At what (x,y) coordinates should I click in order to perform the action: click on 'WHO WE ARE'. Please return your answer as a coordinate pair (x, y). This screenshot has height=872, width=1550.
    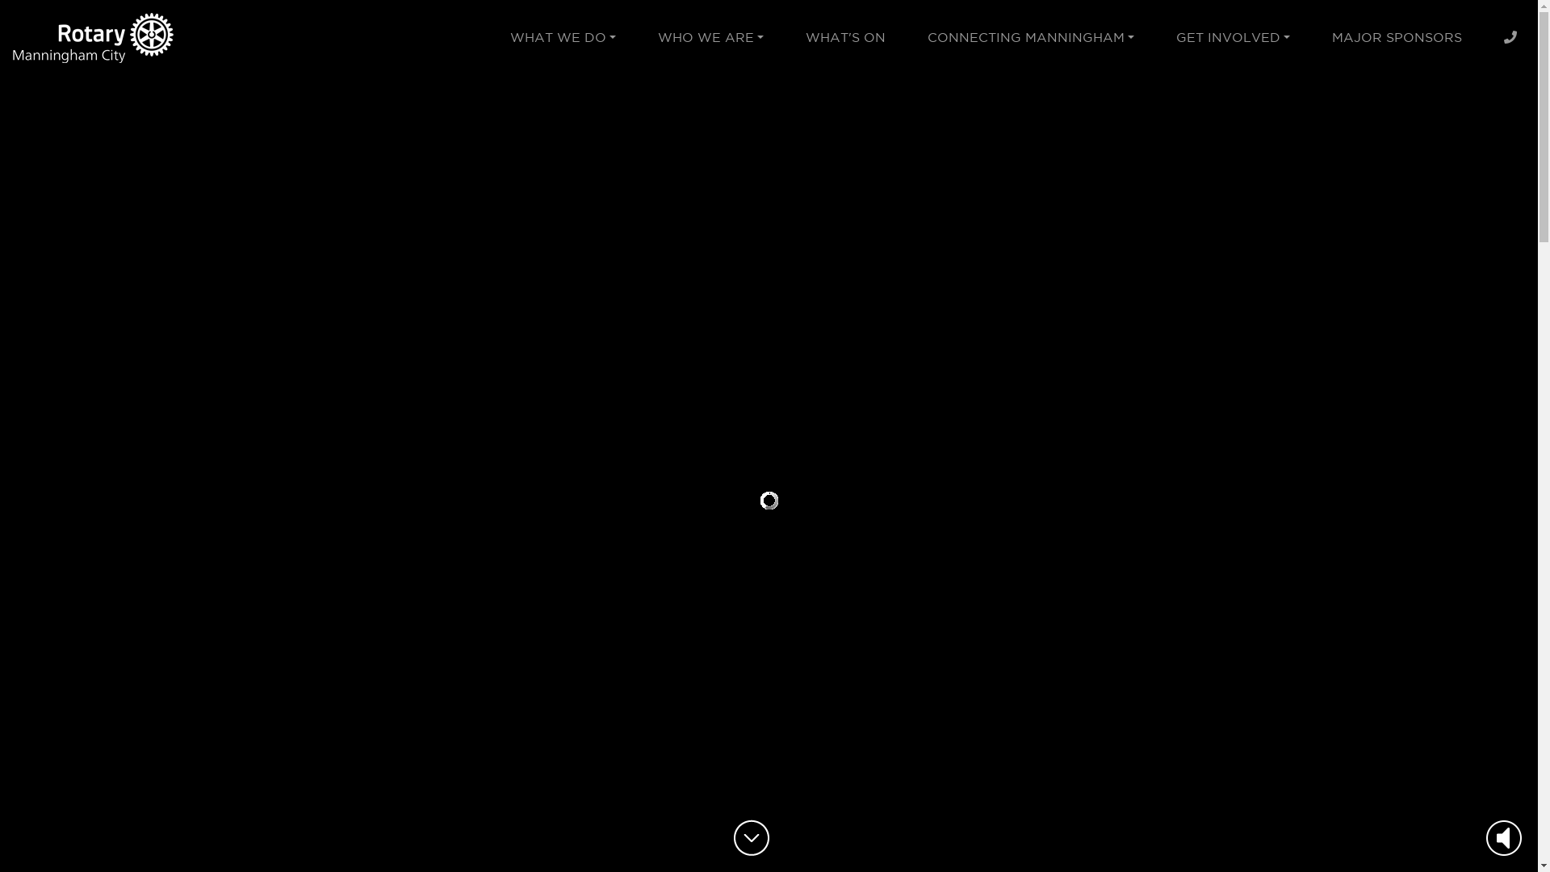
    Looking at the image, I should click on (710, 40).